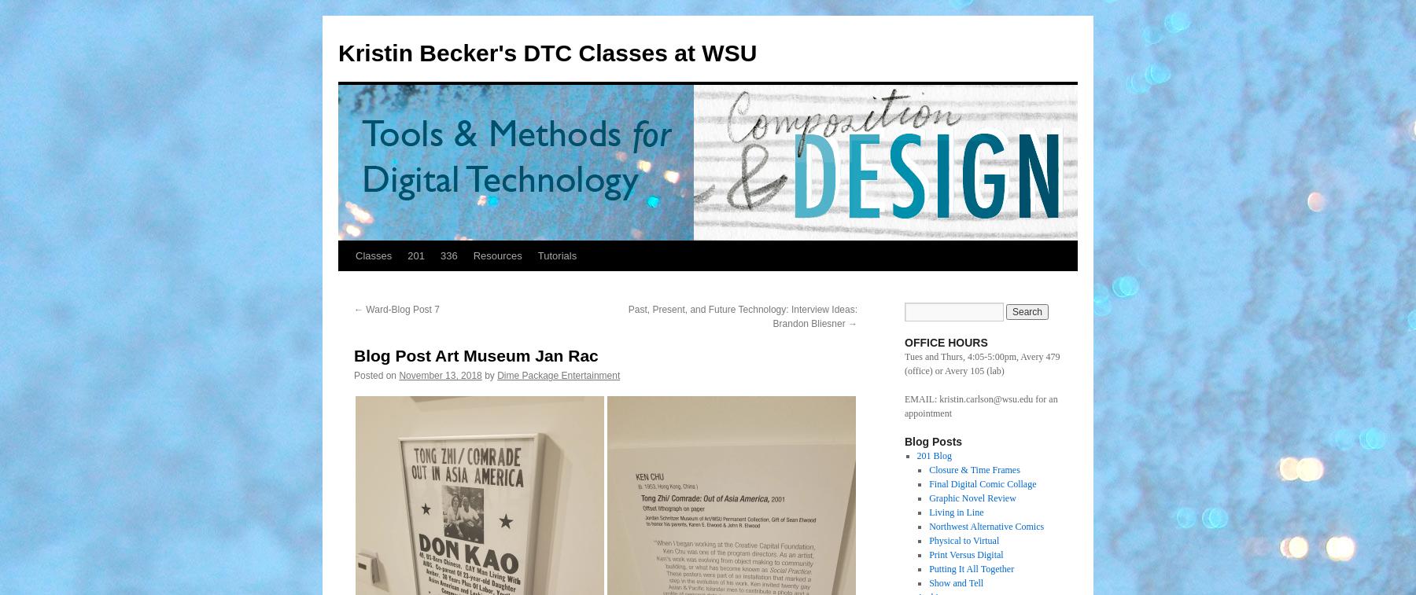 This screenshot has width=1416, height=595. What do you see at coordinates (374, 375) in the screenshot?
I see `'Posted on'` at bounding box center [374, 375].